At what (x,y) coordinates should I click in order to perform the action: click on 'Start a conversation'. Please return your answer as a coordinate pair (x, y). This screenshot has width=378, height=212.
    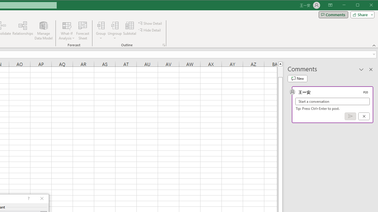
    Looking at the image, I should click on (333, 101).